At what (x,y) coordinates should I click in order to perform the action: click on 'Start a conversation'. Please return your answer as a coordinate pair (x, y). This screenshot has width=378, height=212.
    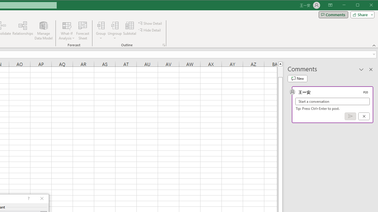
    Looking at the image, I should click on (333, 101).